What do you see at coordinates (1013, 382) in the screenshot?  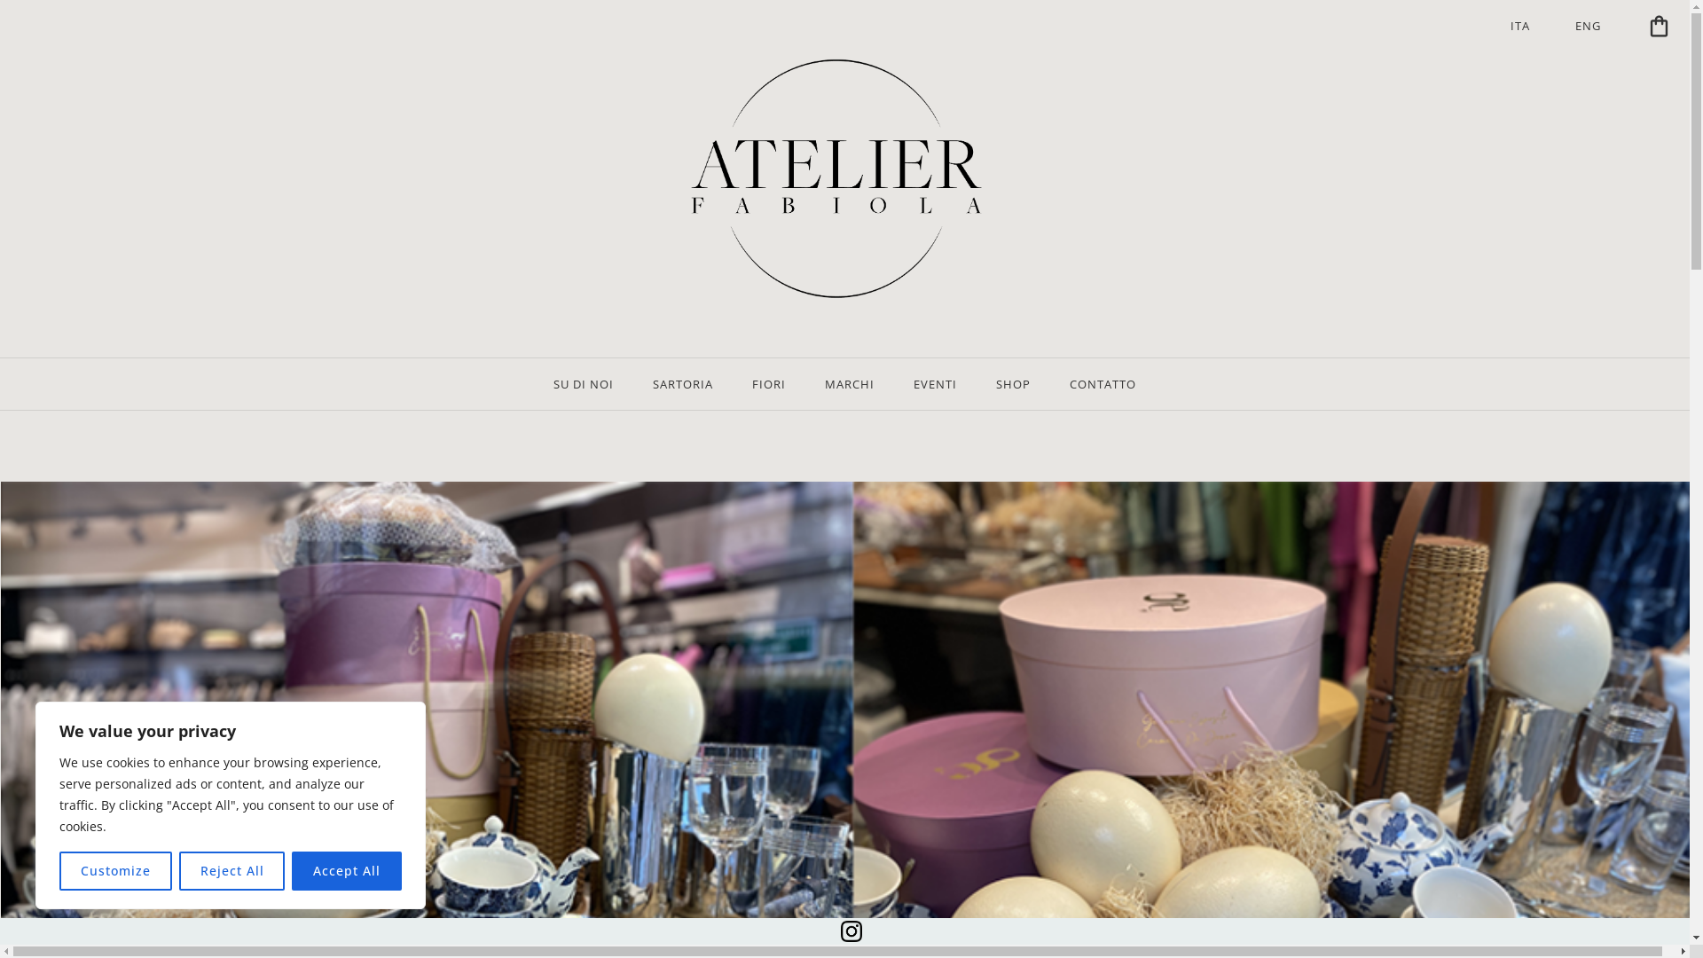 I see `'SHOP'` at bounding box center [1013, 382].